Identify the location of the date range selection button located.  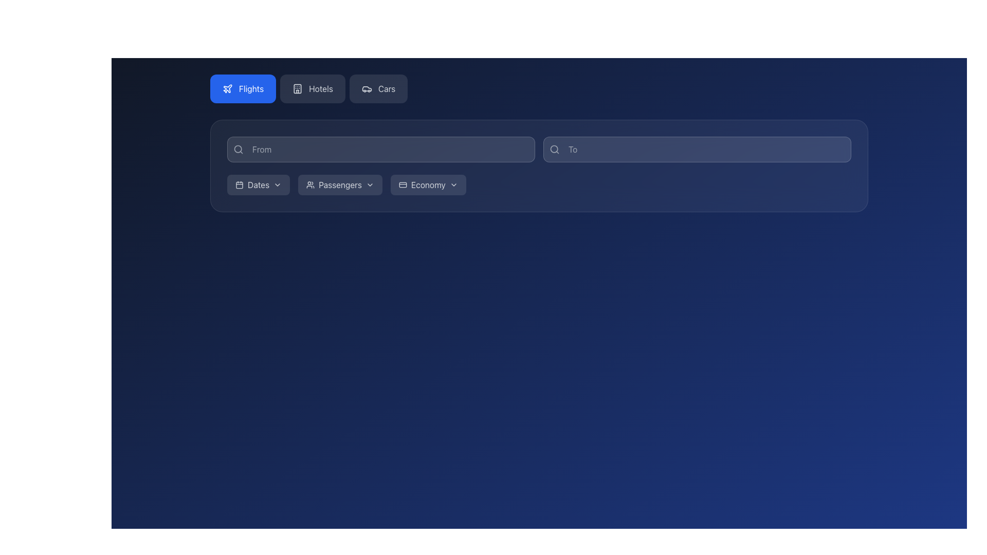
(259, 184).